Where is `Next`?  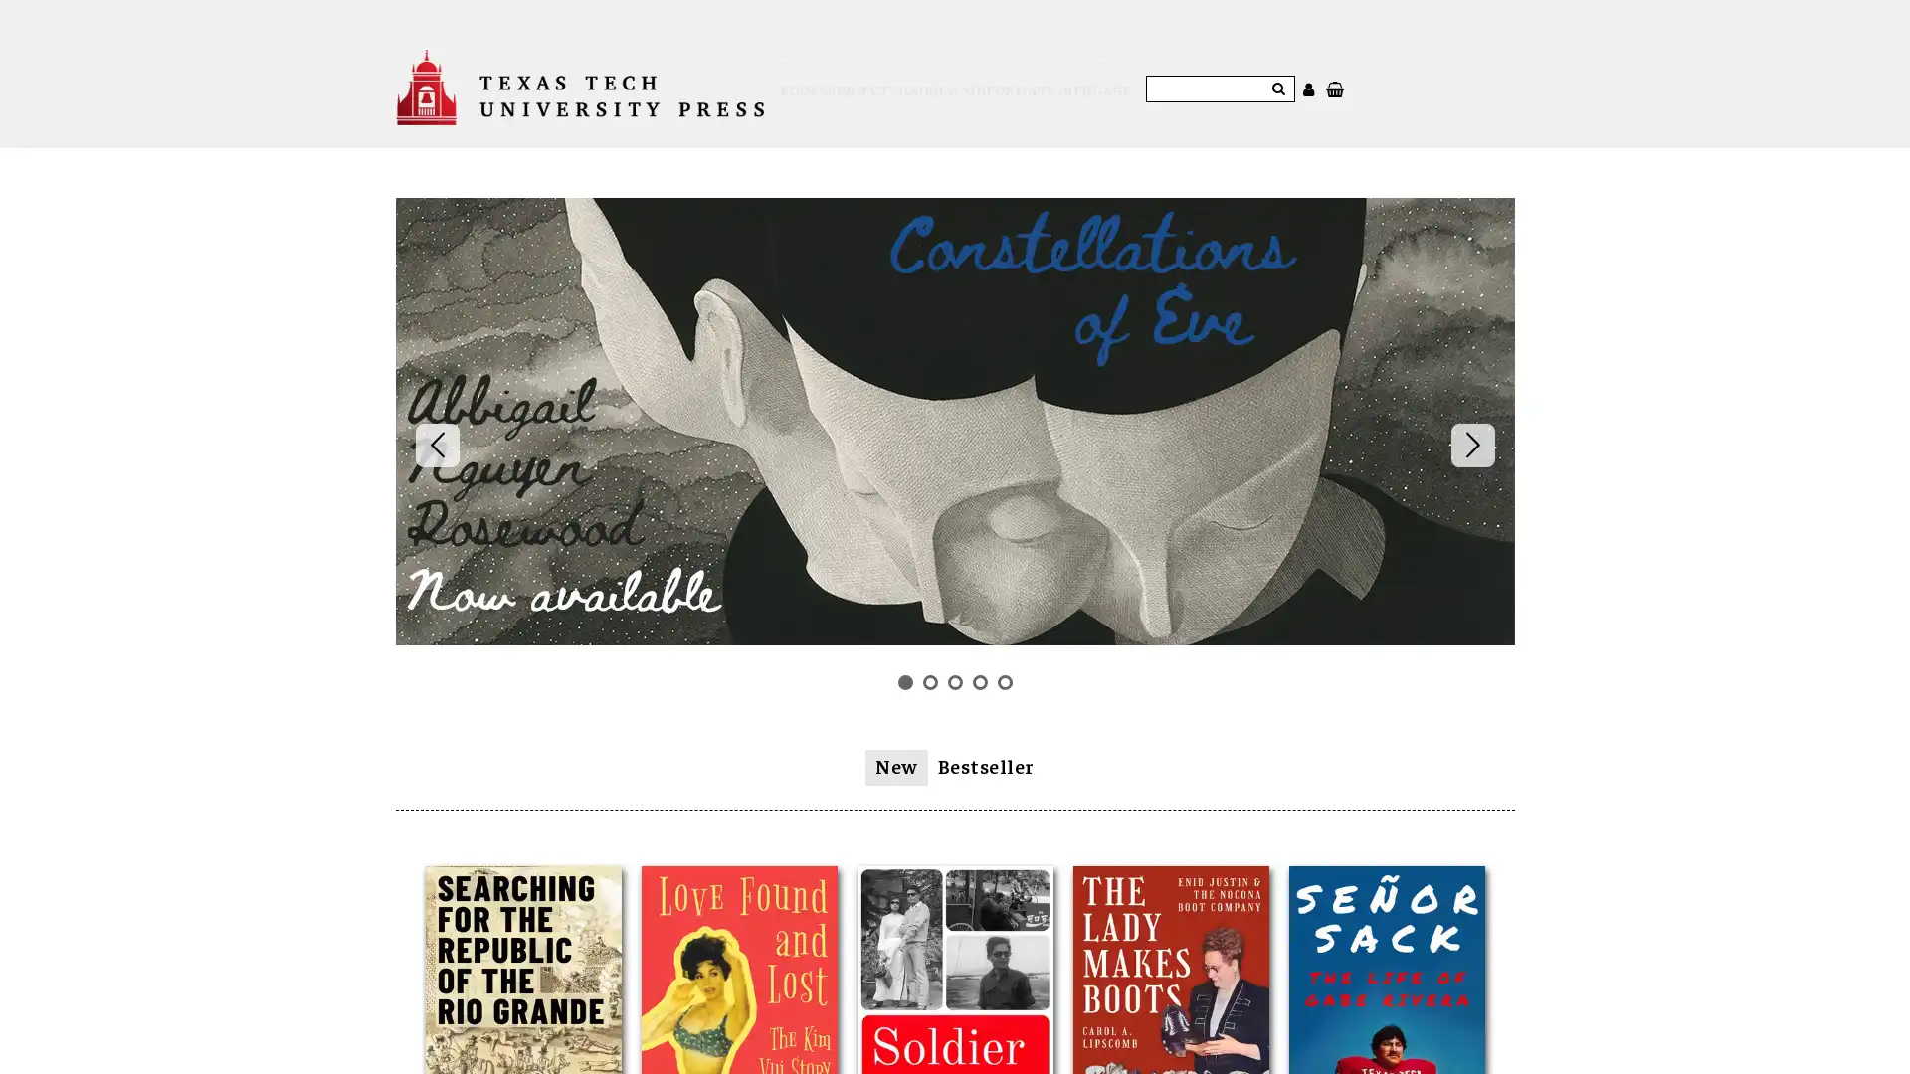 Next is located at coordinates (1471, 421).